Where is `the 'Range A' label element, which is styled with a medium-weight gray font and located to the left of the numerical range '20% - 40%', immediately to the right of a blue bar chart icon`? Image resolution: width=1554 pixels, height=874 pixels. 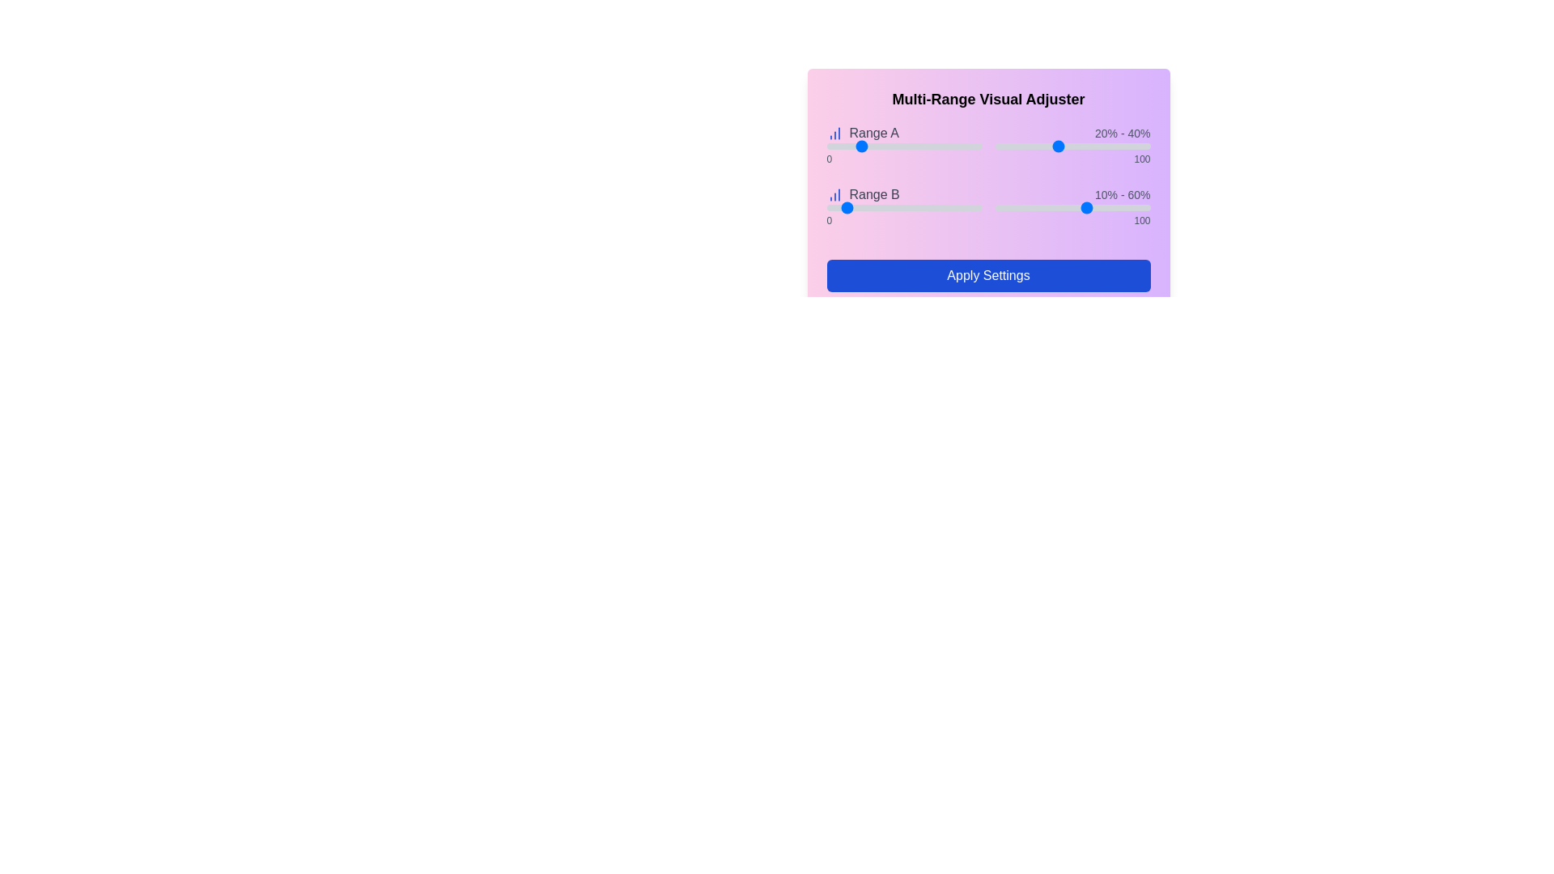
the 'Range A' label element, which is styled with a medium-weight gray font and located to the left of the numerical range '20% - 40%', immediately to the right of a blue bar chart icon is located at coordinates (862, 133).